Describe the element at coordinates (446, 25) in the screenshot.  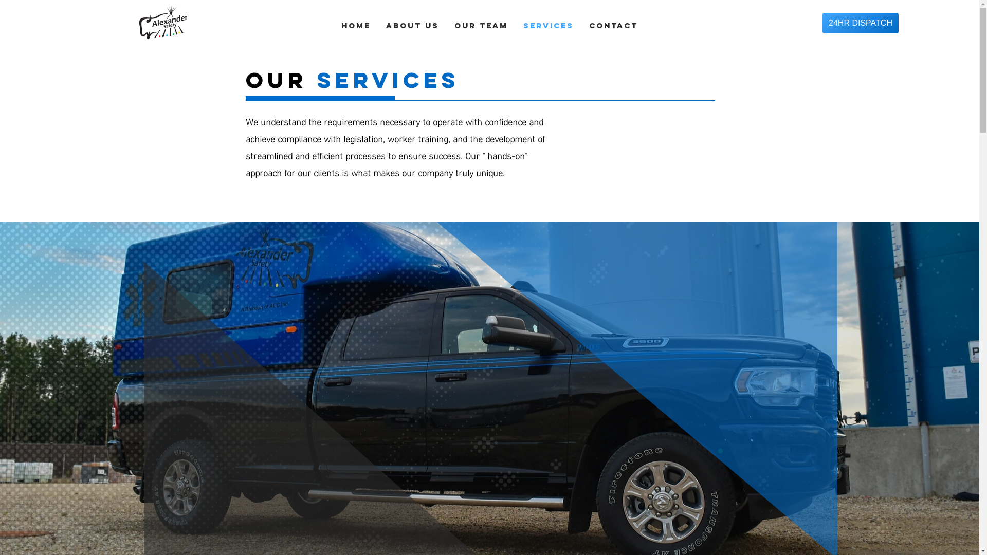
I see `'OUR TEAM'` at that location.